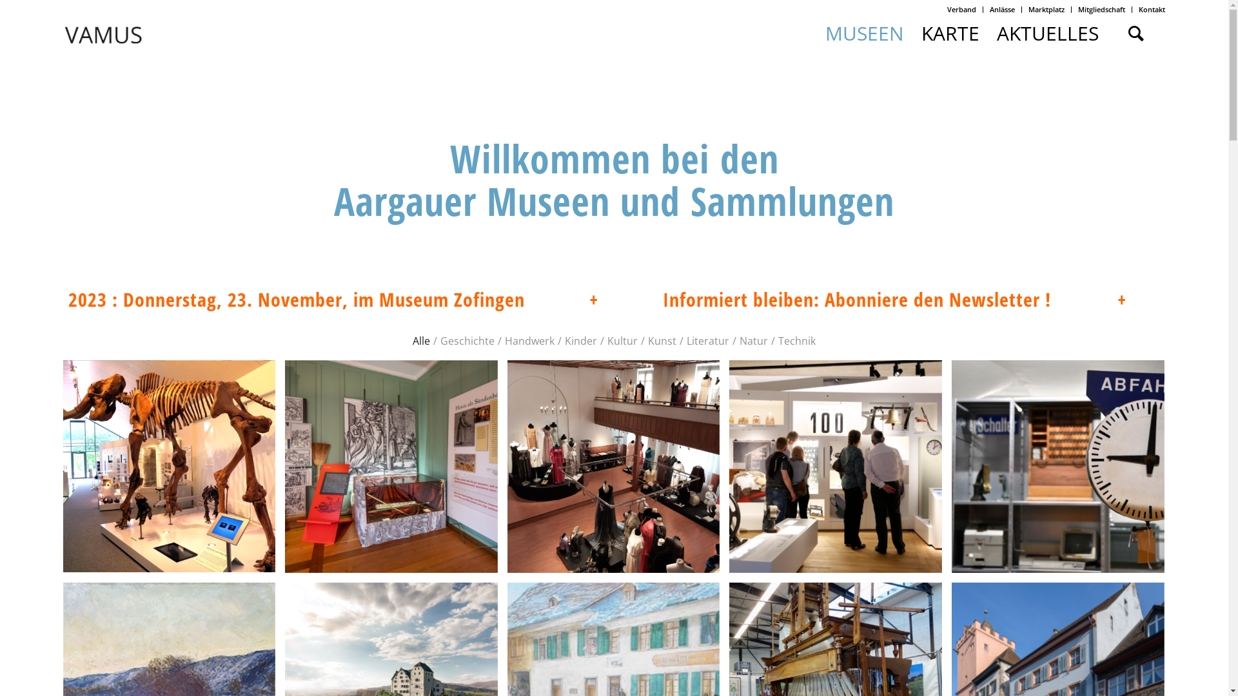 The width and height of the screenshot is (1238, 696). What do you see at coordinates (864, 32) in the screenshot?
I see `'MUSEEN'` at bounding box center [864, 32].